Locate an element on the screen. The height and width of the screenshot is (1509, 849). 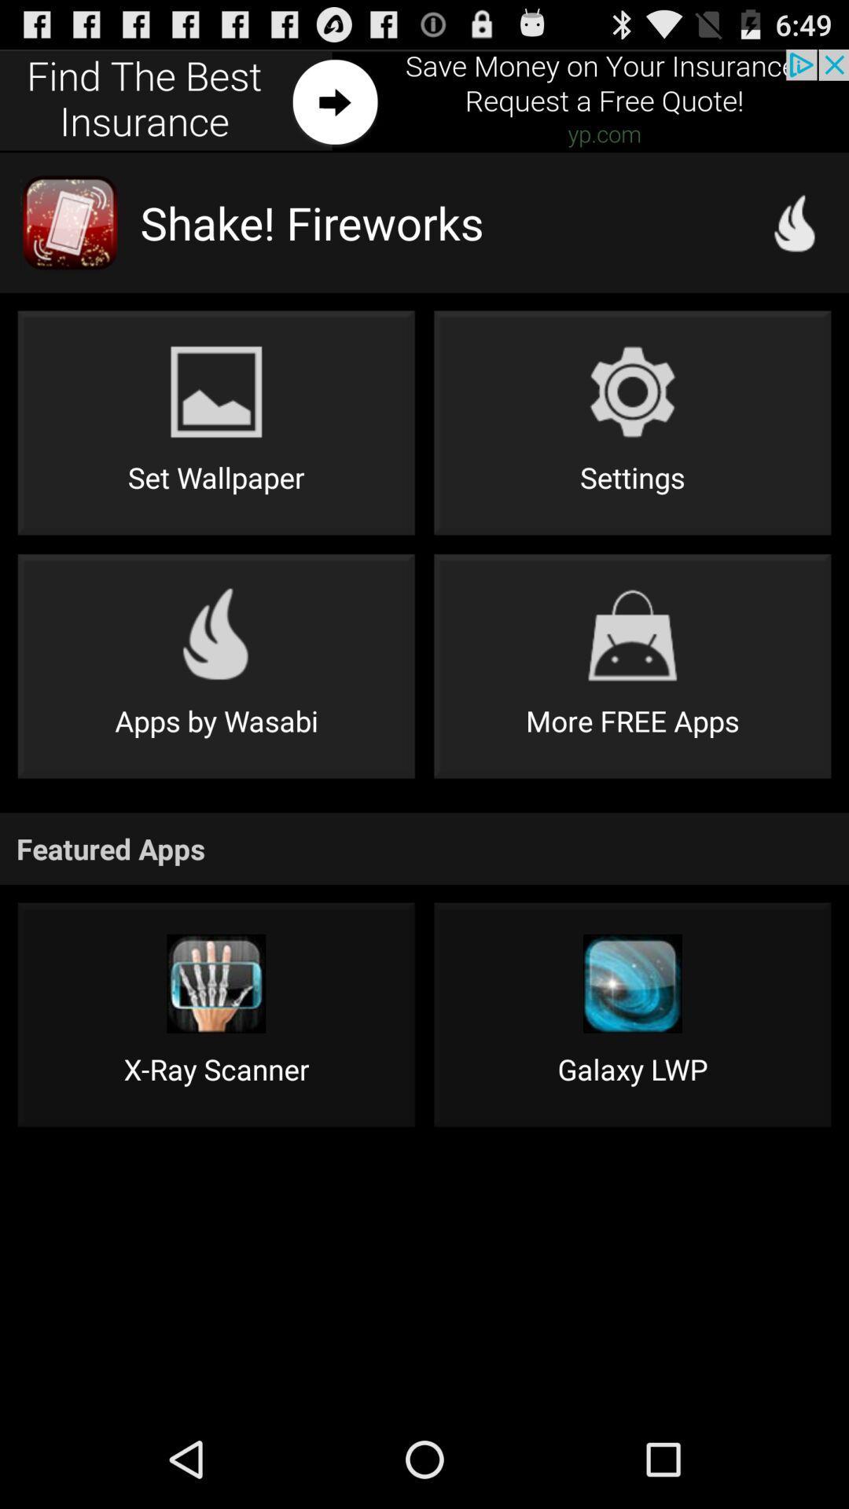
slide is located at coordinates (424, 100).